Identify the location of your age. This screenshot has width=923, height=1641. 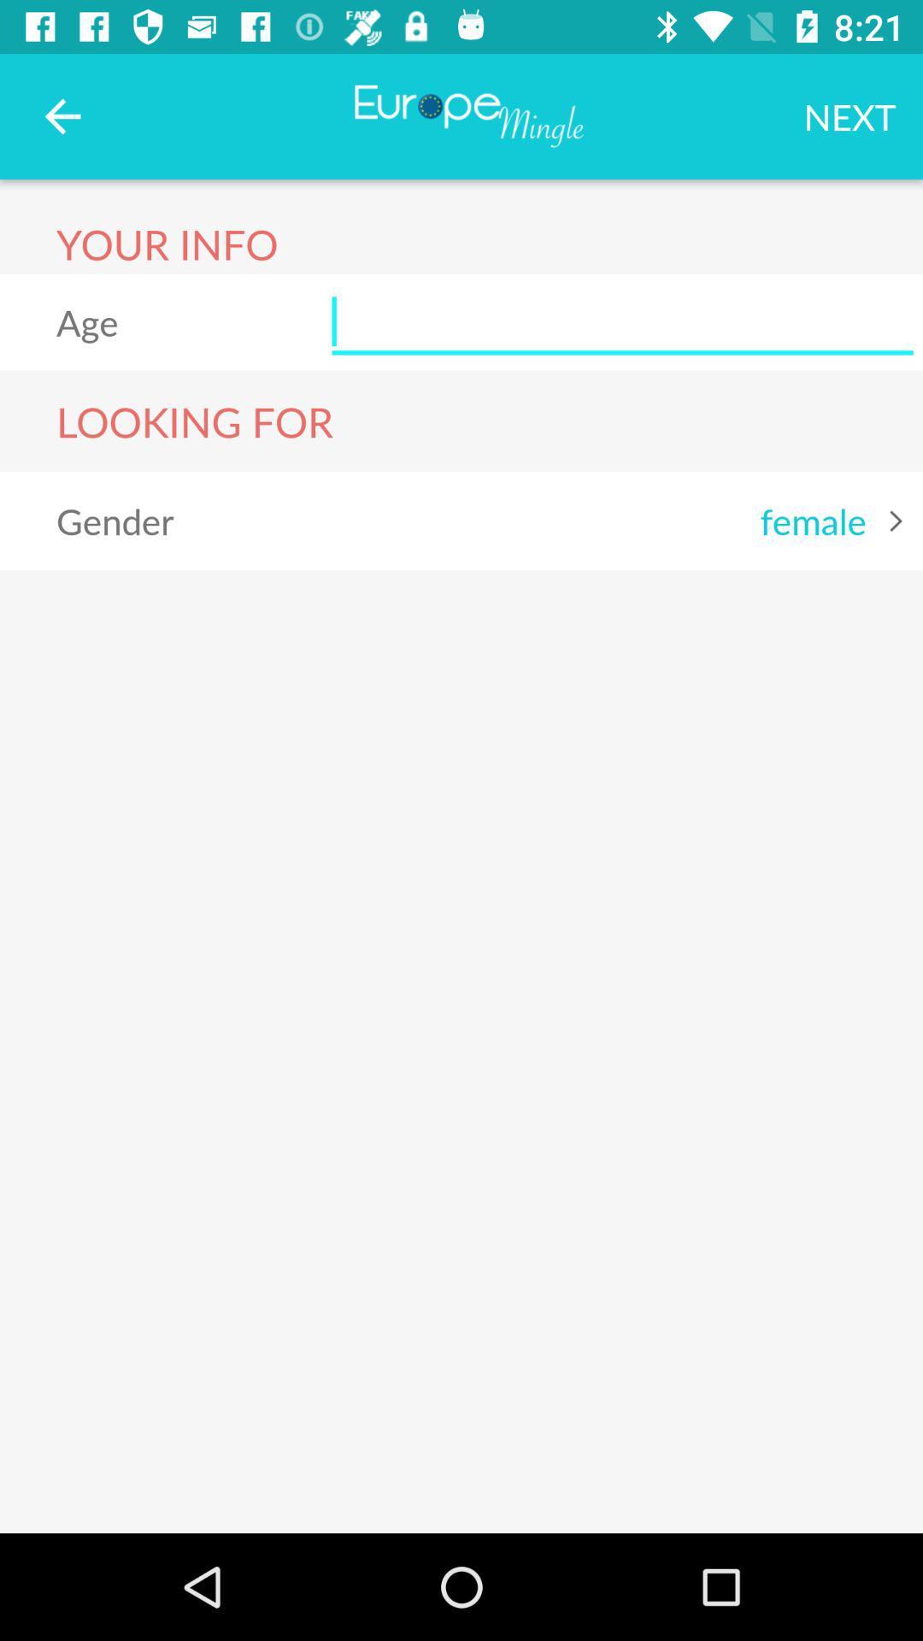
(622, 322).